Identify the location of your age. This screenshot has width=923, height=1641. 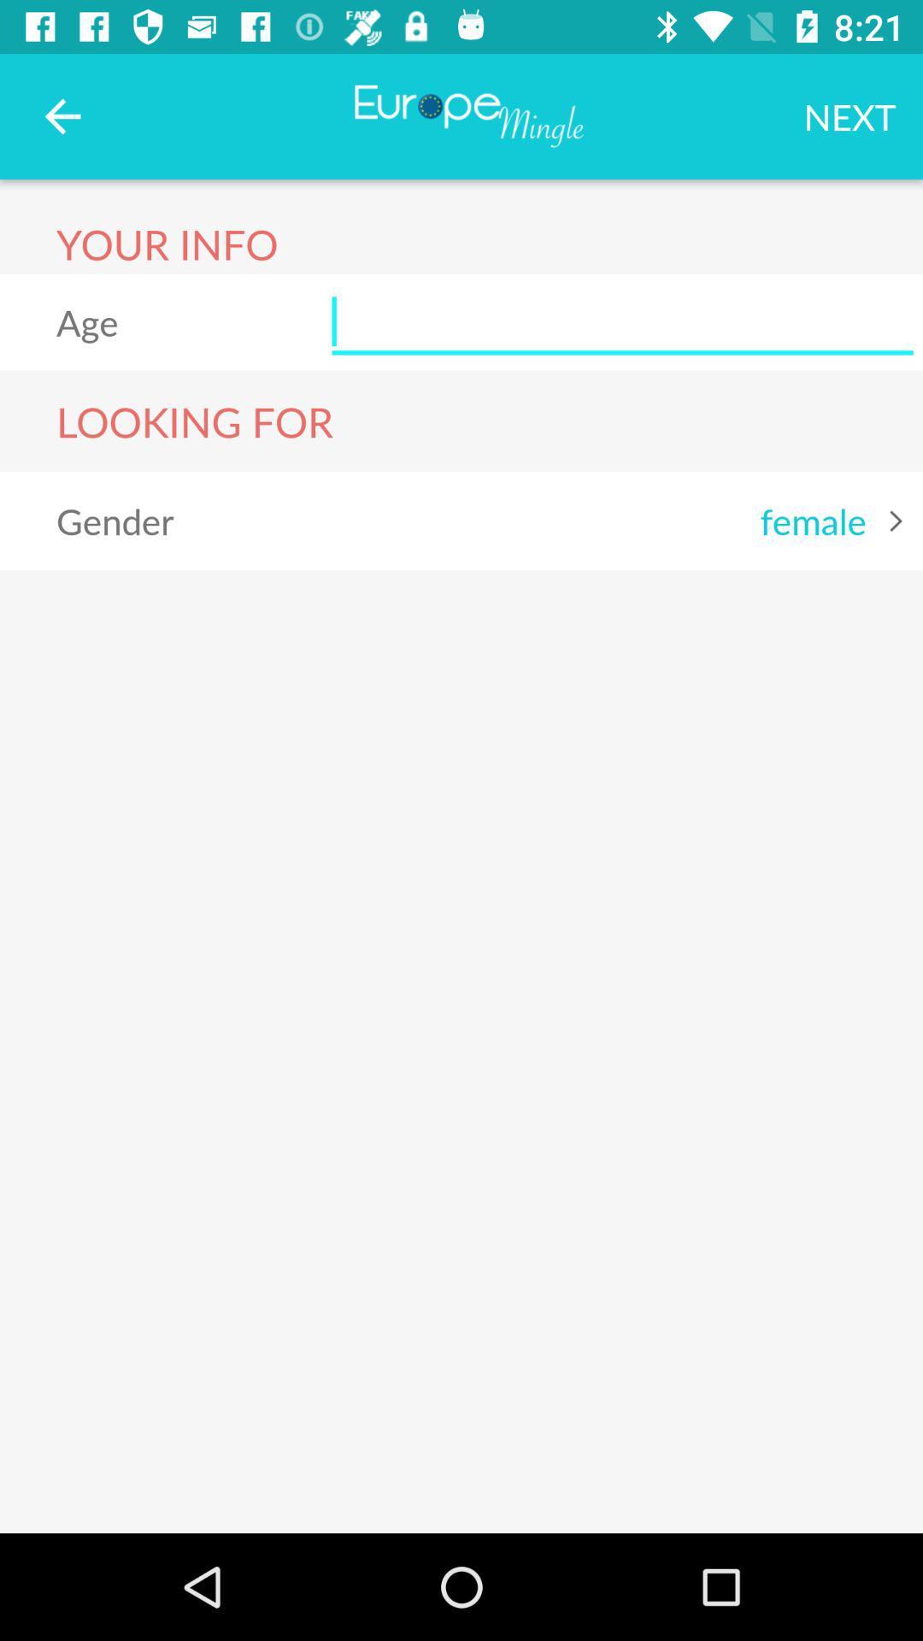
(622, 322).